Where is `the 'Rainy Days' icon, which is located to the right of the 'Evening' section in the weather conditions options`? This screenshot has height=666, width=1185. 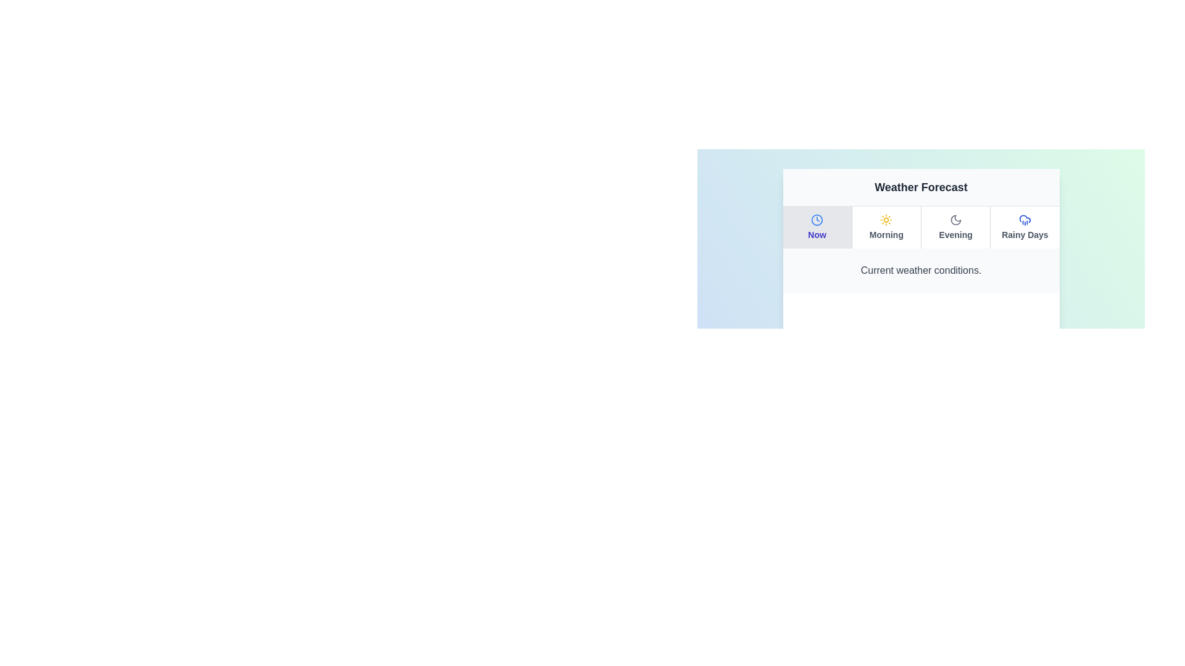 the 'Rainy Days' icon, which is located to the right of the 'Evening' section in the weather conditions options is located at coordinates (1025, 220).